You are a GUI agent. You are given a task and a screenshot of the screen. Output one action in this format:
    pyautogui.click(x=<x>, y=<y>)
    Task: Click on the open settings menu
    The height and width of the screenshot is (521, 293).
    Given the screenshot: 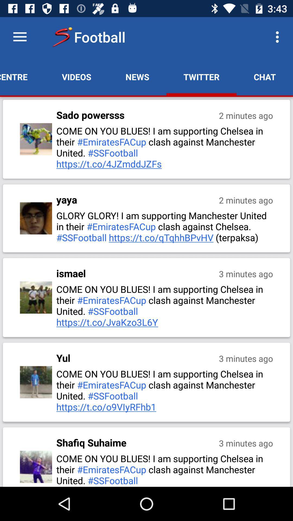 What is the action you would take?
    pyautogui.click(x=20, y=37)
    